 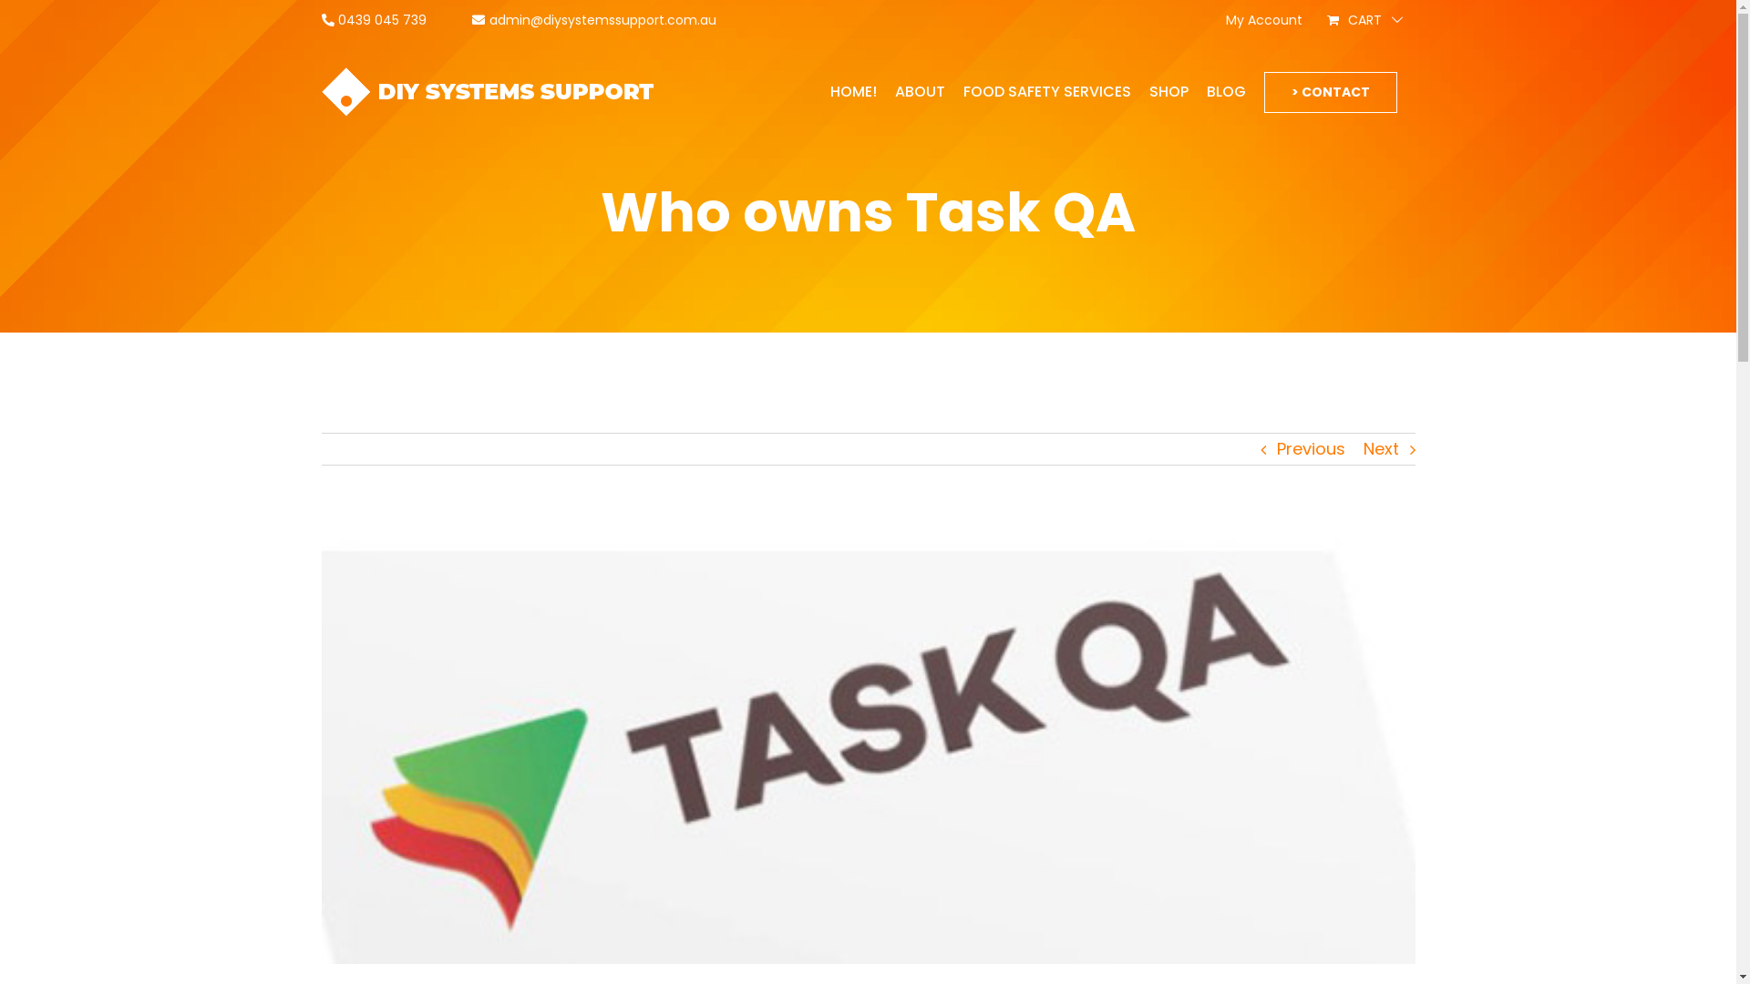 I want to click on '0439 045 739', so click(x=372, y=20).